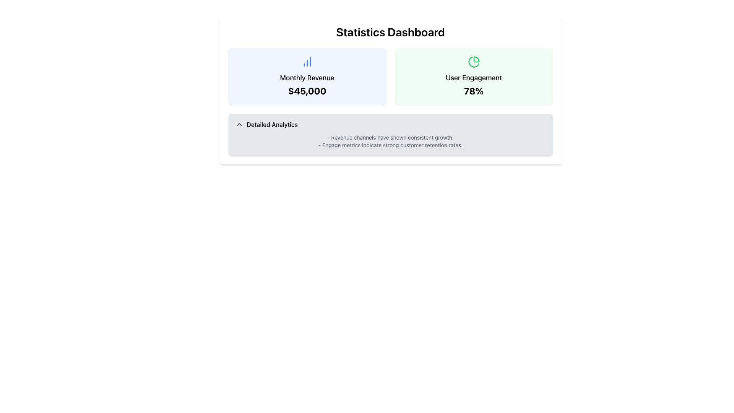  What do you see at coordinates (390, 141) in the screenshot?
I see `text from the Text Component located within the card under the 'Detailed Analytics' header, which contains two bullet points in a small gray sans-serif font` at bounding box center [390, 141].